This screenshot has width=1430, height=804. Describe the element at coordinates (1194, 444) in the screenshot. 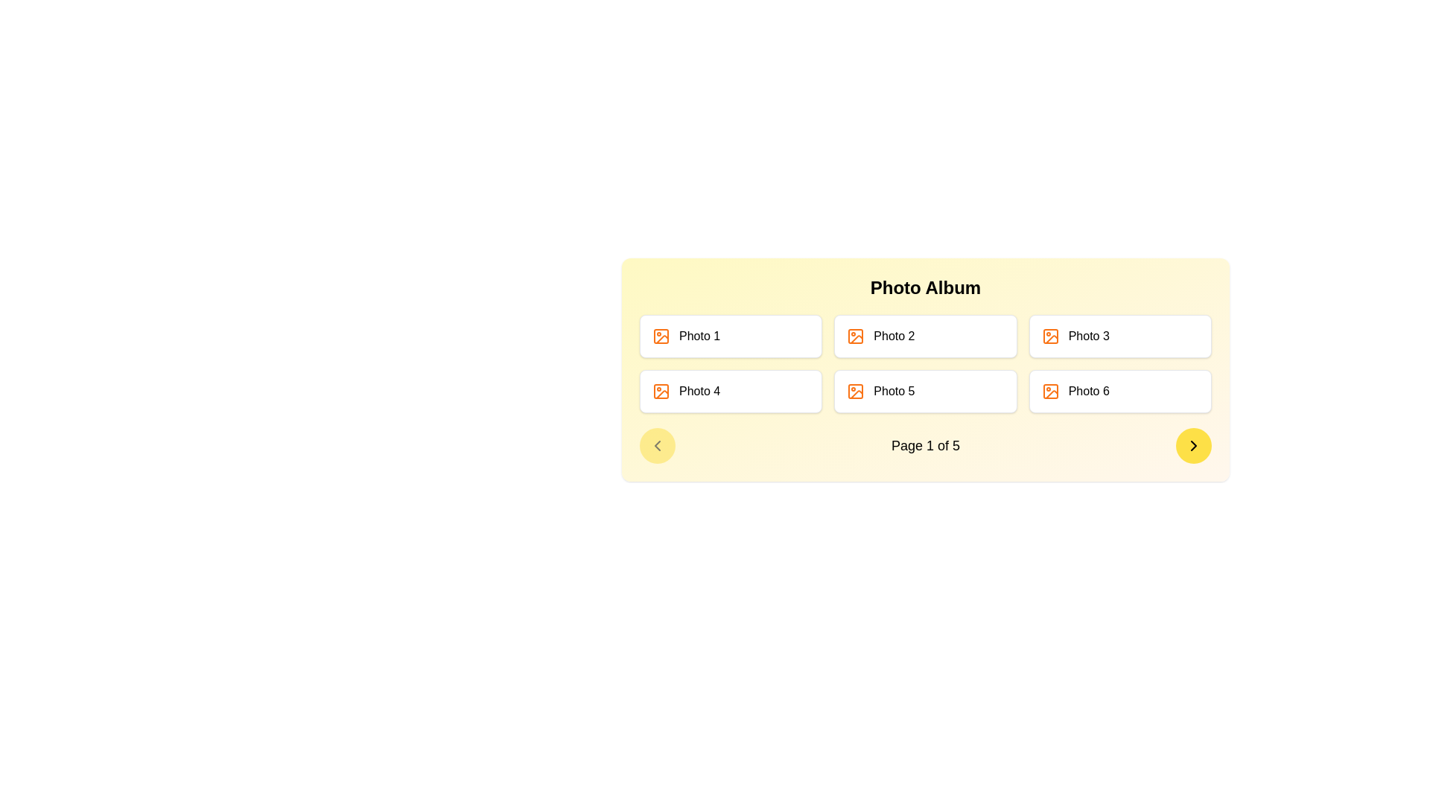

I see `the right-facing chevron icon located inside the circular button with a yellow background in the bottom-right corner of the interface` at that location.